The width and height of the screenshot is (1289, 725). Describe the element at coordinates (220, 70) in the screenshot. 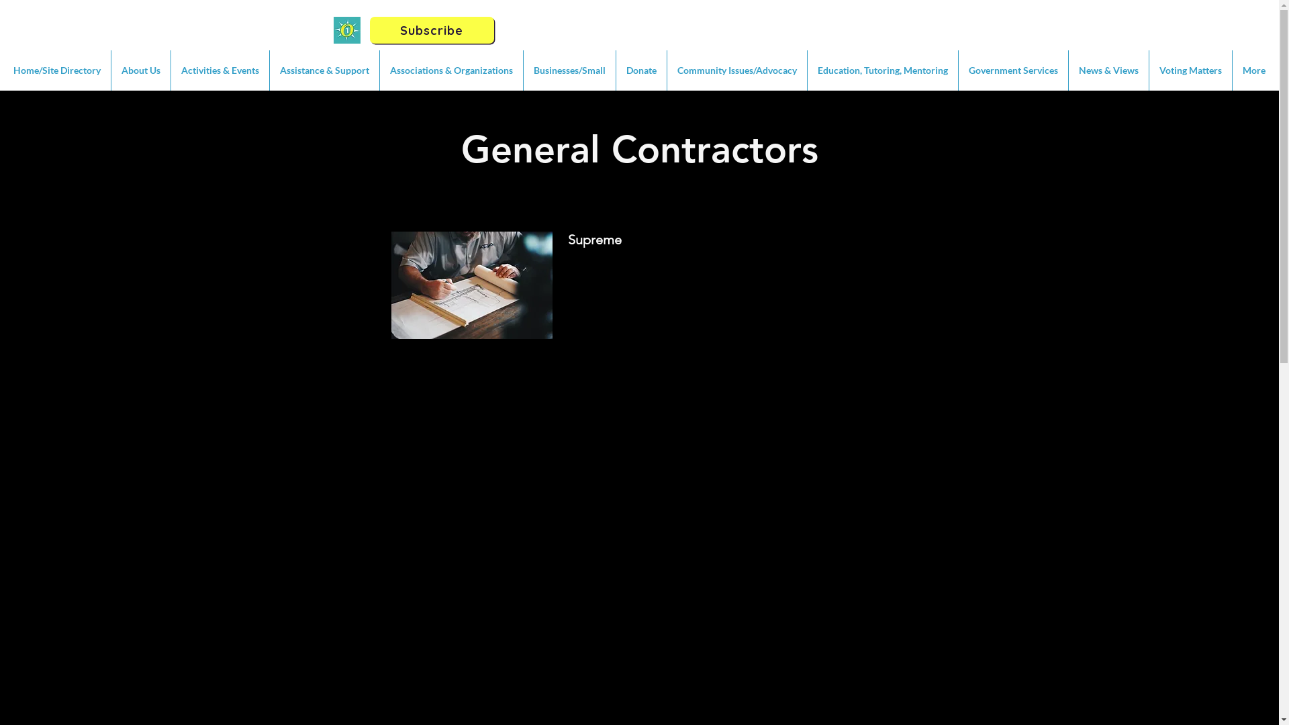

I see `'Activities & Events'` at that location.